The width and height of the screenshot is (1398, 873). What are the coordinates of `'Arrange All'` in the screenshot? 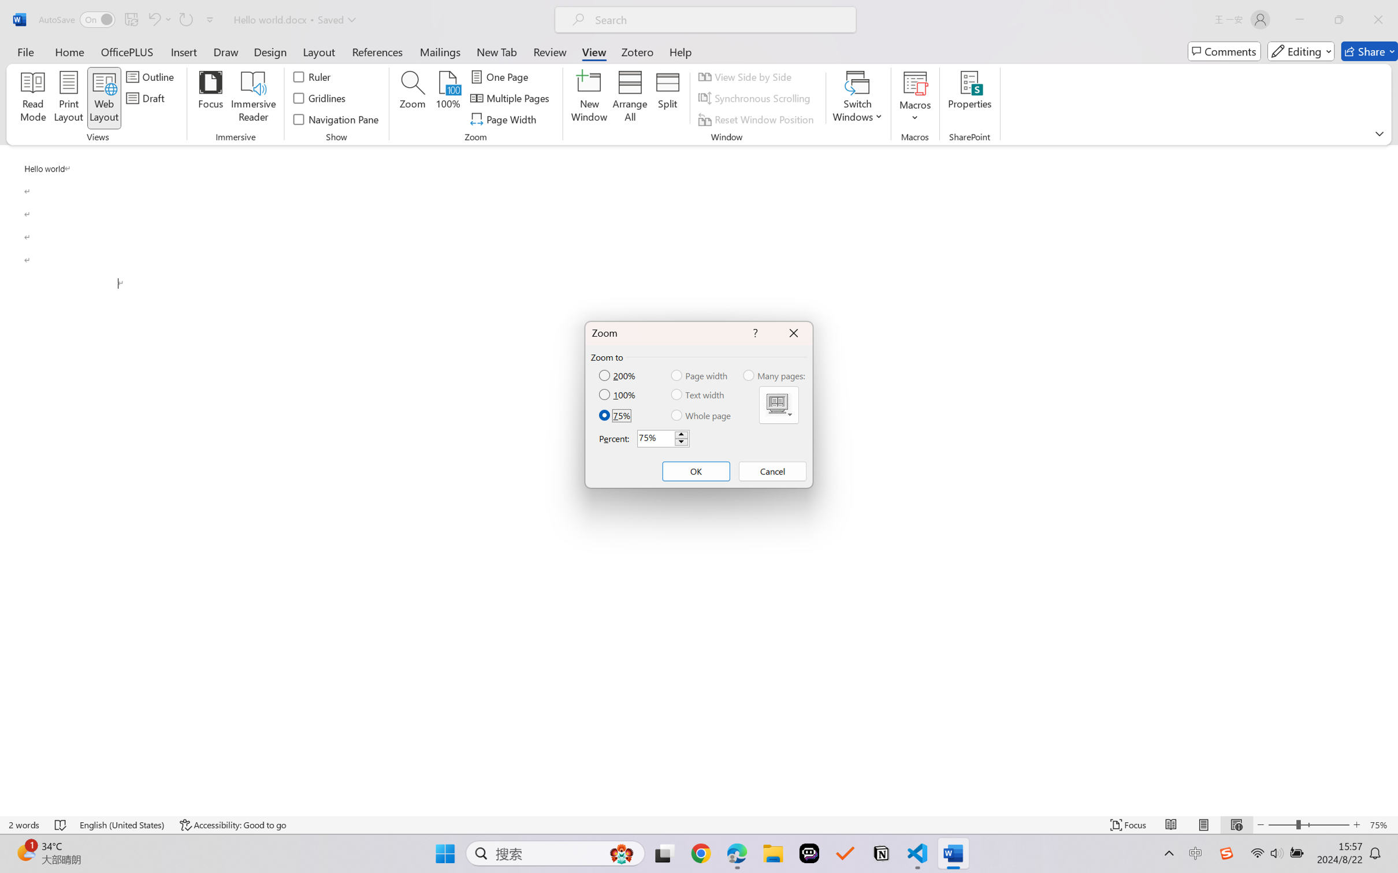 It's located at (629, 98).